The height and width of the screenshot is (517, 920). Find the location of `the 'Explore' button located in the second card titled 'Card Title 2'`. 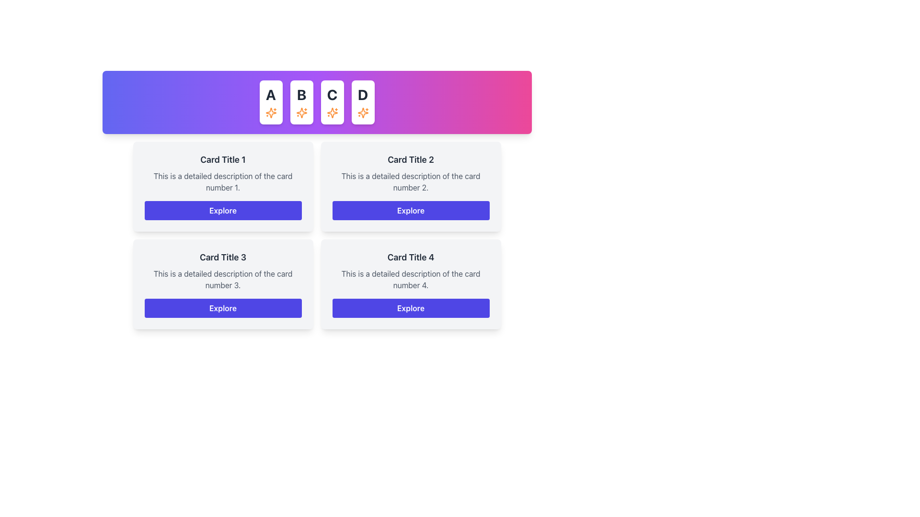

the 'Explore' button located in the second card titled 'Card Title 2' is located at coordinates (411, 210).